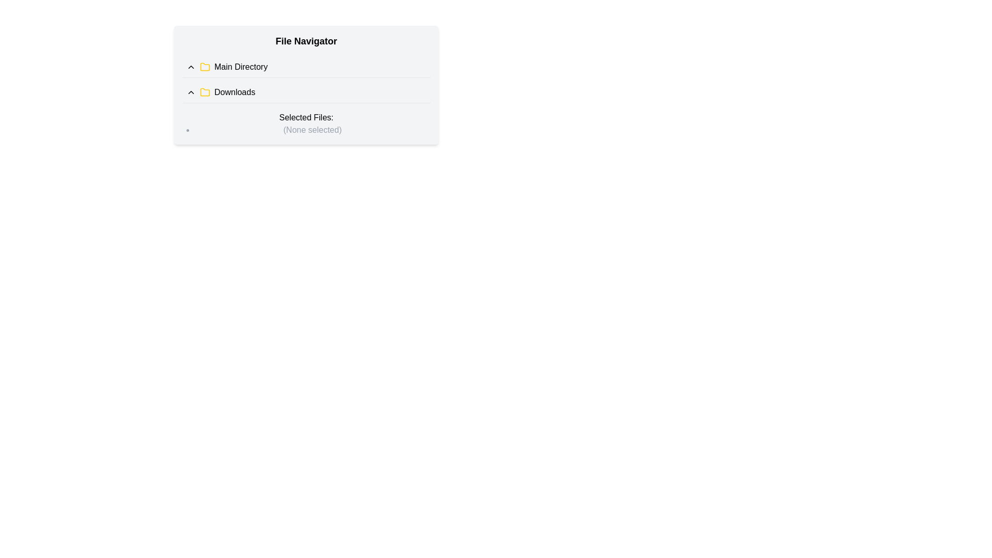 The image size is (992, 558). What do you see at coordinates (191, 91) in the screenshot?
I see `the interactive button styled as an icon resembling a chevron or arrow` at bounding box center [191, 91].